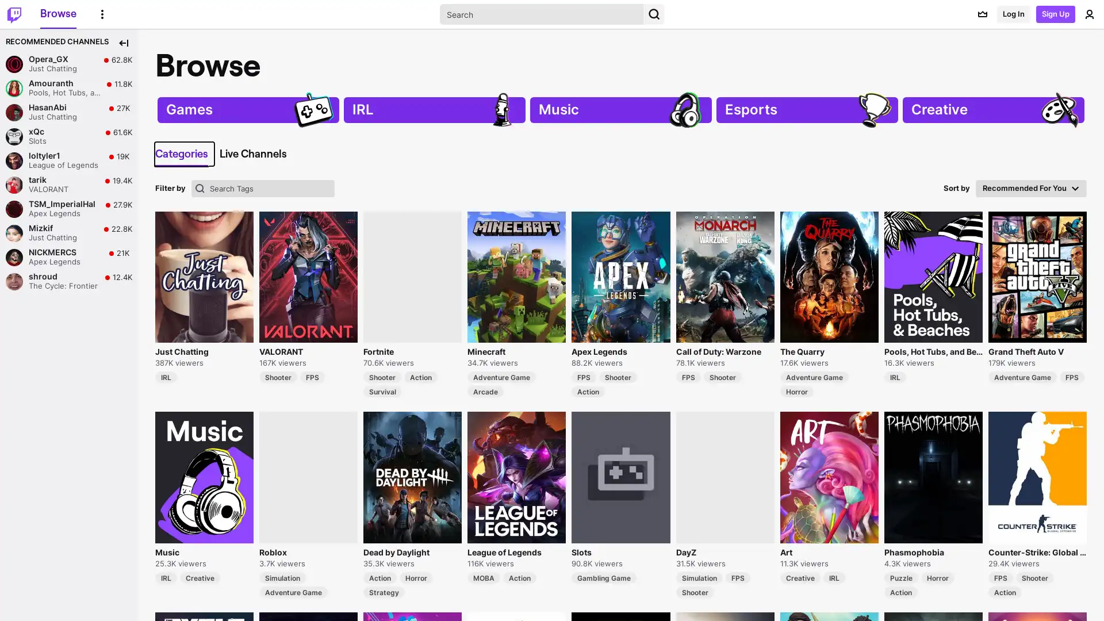 The image size is (1104, 621). Describe the element at coordinates (1031, 187) in the screenshot. I see `Recommended For You` at that location.